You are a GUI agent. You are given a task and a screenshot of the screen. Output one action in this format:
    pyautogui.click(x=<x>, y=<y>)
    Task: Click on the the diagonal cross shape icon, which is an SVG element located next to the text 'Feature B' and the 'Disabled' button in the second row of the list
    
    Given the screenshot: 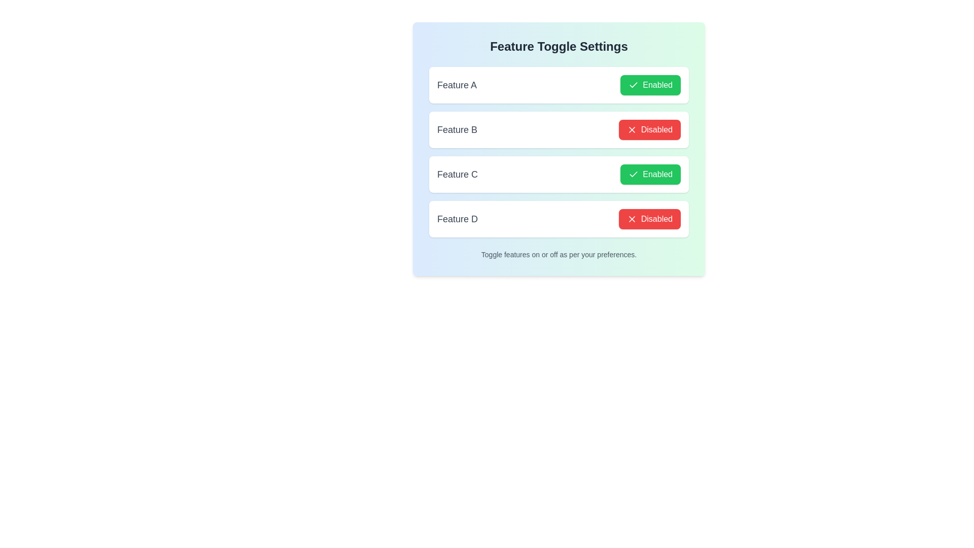 What is the action you would take?
    pyautogui.click(x=631, y=219)
    